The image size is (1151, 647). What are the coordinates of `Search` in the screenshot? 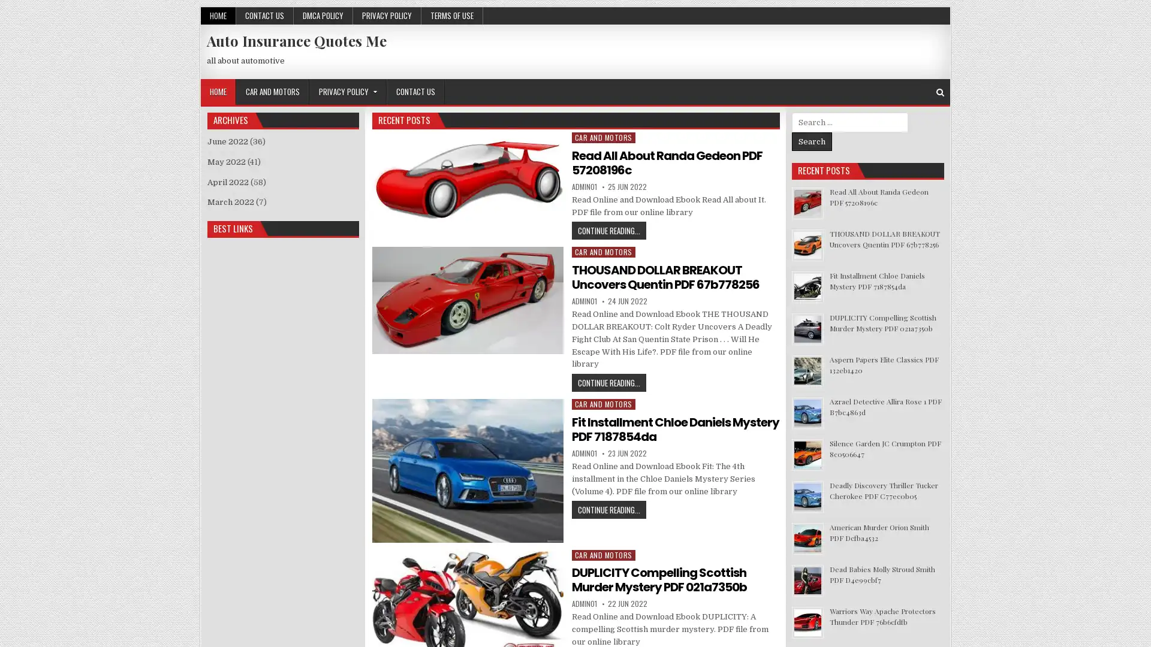 It's located at (812, 141).